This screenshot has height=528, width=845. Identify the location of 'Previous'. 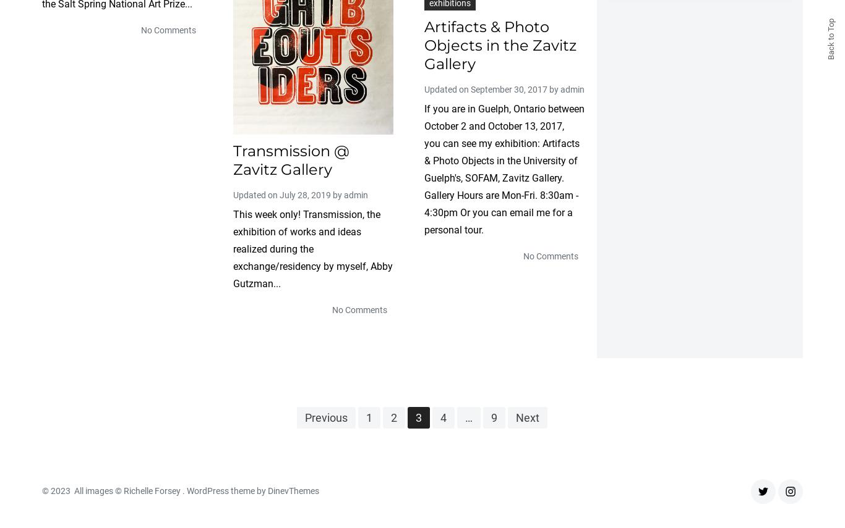
(326, 417).